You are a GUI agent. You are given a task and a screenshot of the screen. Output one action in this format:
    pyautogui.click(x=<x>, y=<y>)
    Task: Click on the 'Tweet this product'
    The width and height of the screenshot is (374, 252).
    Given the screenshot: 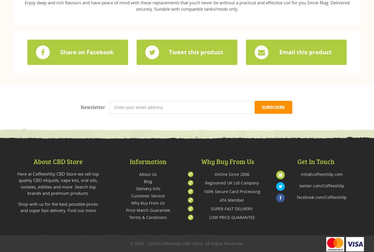 What is the action you would take?
    pyautogui.click(x=196, y=52)
    